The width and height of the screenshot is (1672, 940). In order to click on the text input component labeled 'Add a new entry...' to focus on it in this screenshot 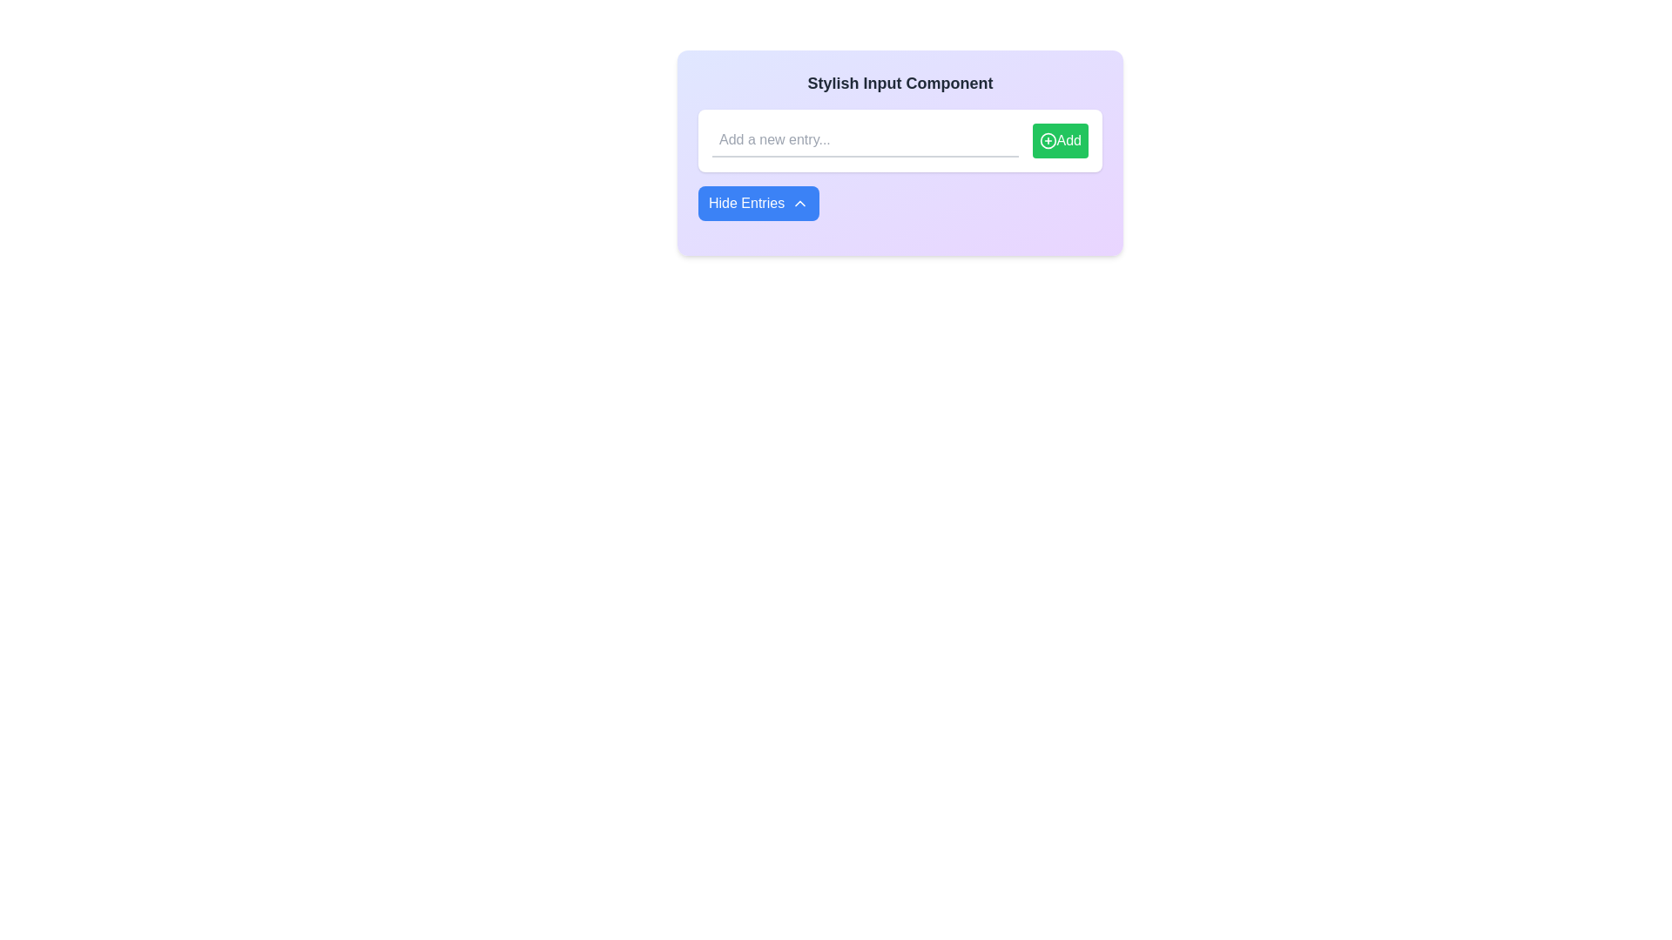, I will do `click(900, 152)`.